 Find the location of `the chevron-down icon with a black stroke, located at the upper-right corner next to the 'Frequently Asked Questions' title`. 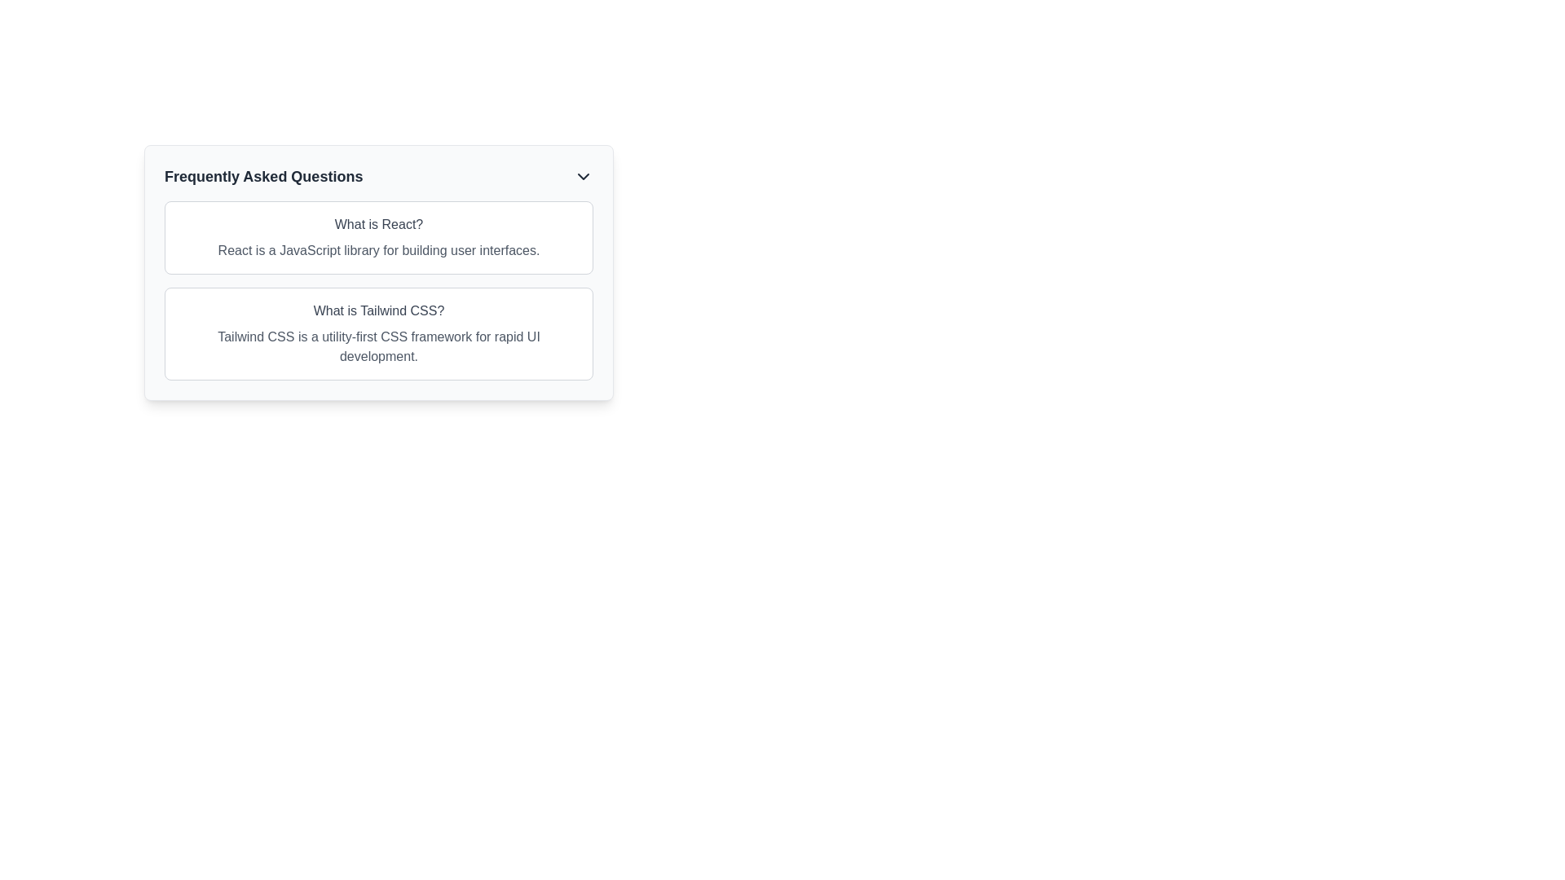

the chevron-down icon with a black stroke, located at the upper-right corner next to the 'Frequently Asked Questions' title is located at coordinates (583, 176).